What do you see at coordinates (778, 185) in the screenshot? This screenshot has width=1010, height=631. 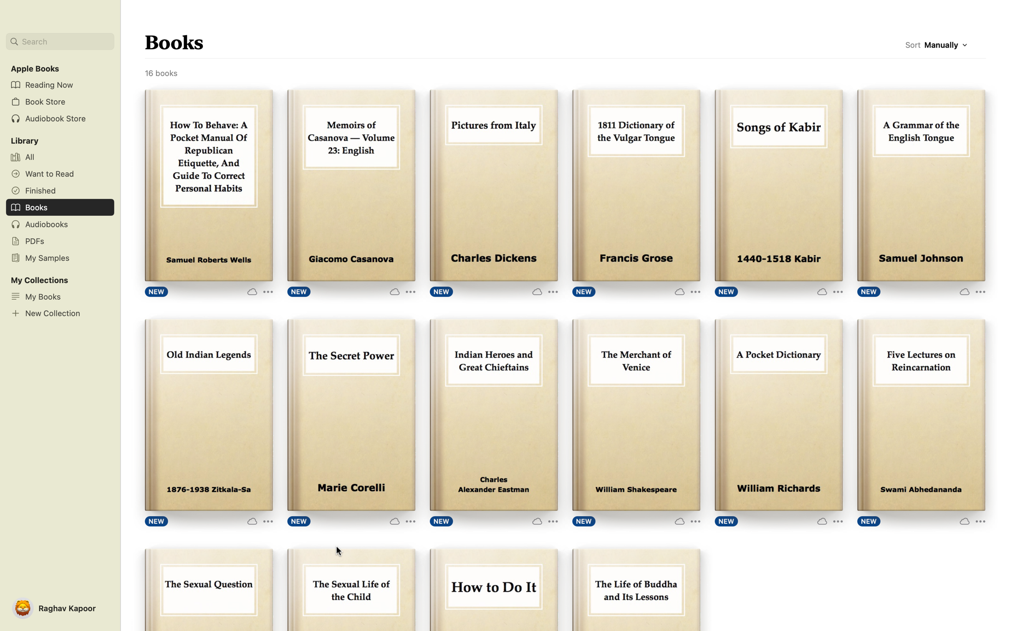 I see `double click to read the book "Songs of Kabir` at bounding box center [778, 185].